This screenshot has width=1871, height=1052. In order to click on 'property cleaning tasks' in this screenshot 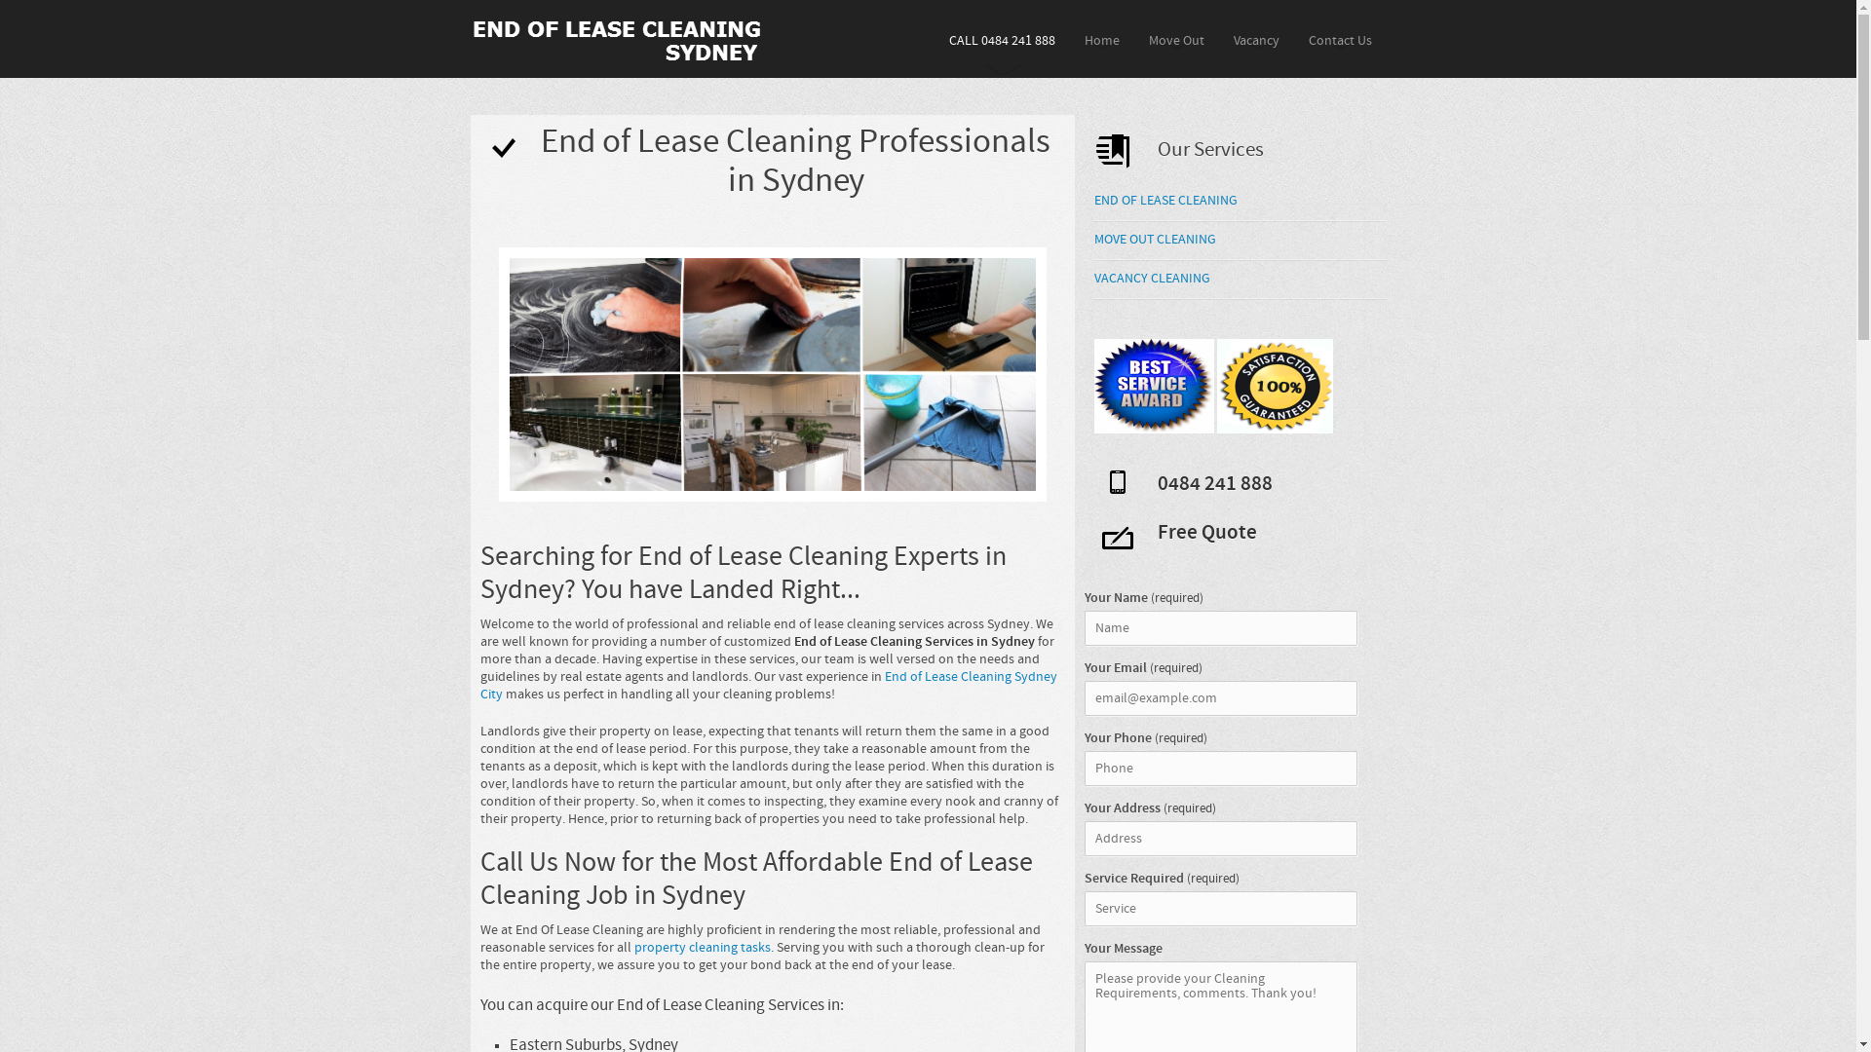, I will do `click(702, 947)`.